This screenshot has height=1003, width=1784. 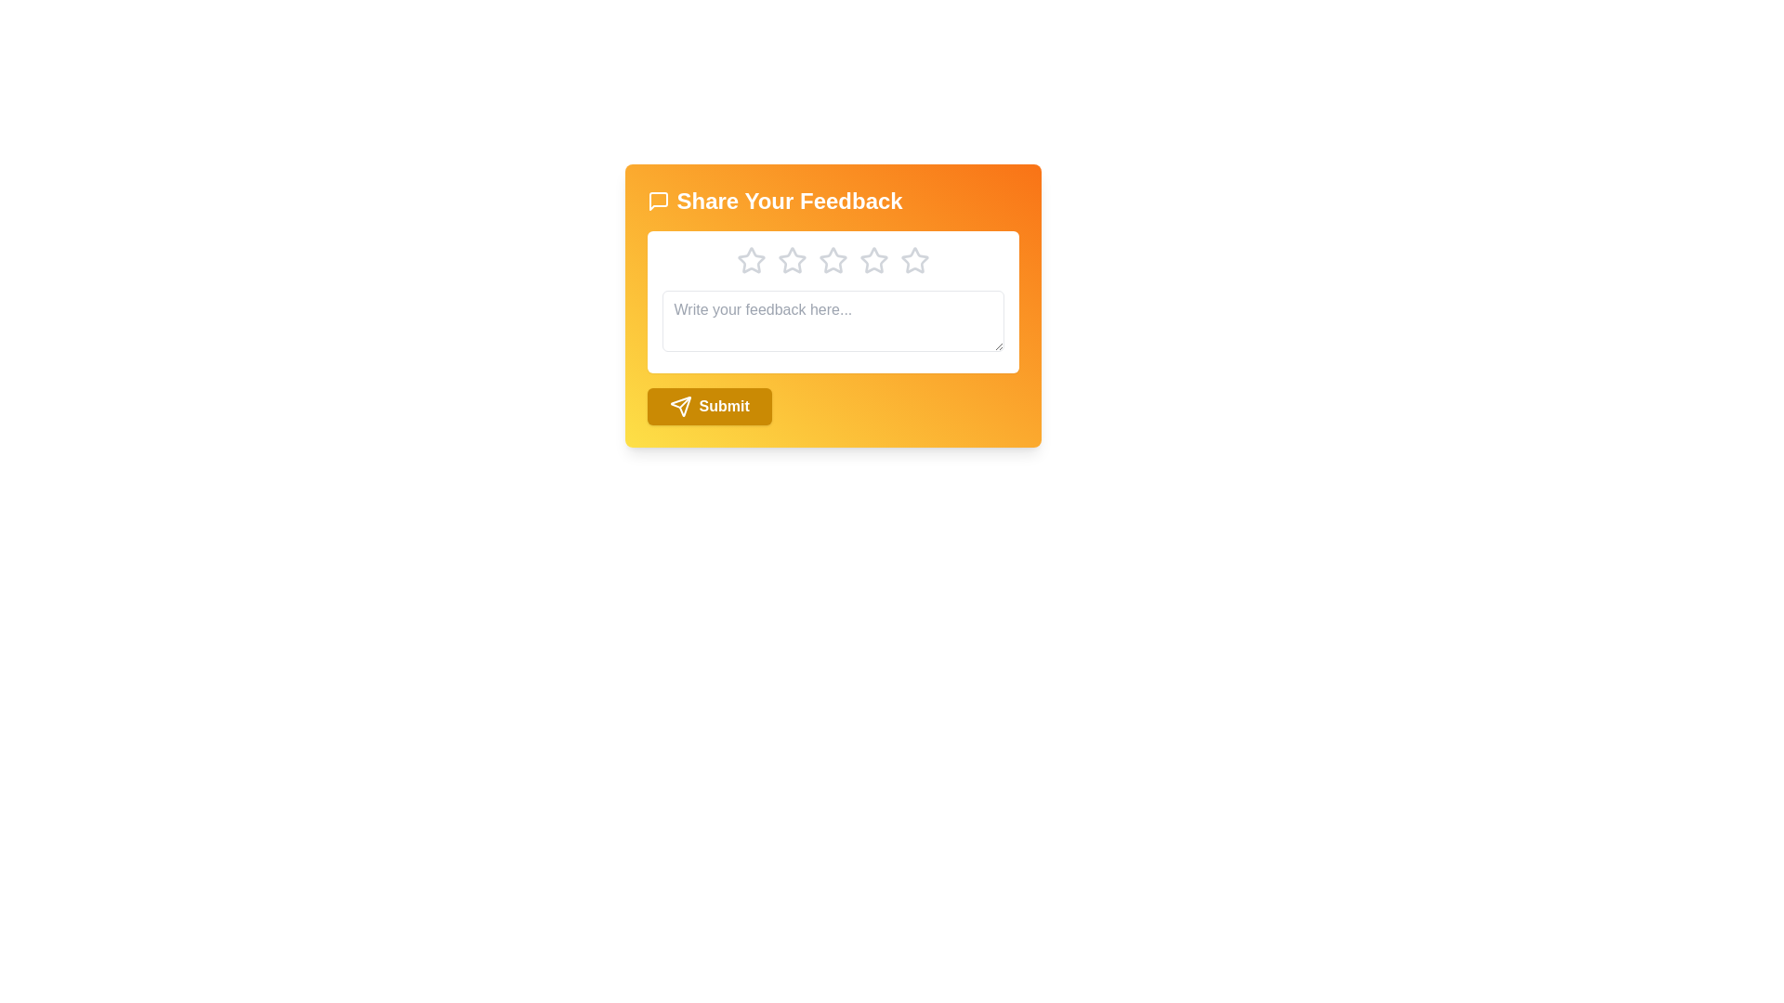 What do you see at coordinates (832, 260) in the screenshot?
I see `the second star in the interactive rating star control` at bounding box center [832, 260].